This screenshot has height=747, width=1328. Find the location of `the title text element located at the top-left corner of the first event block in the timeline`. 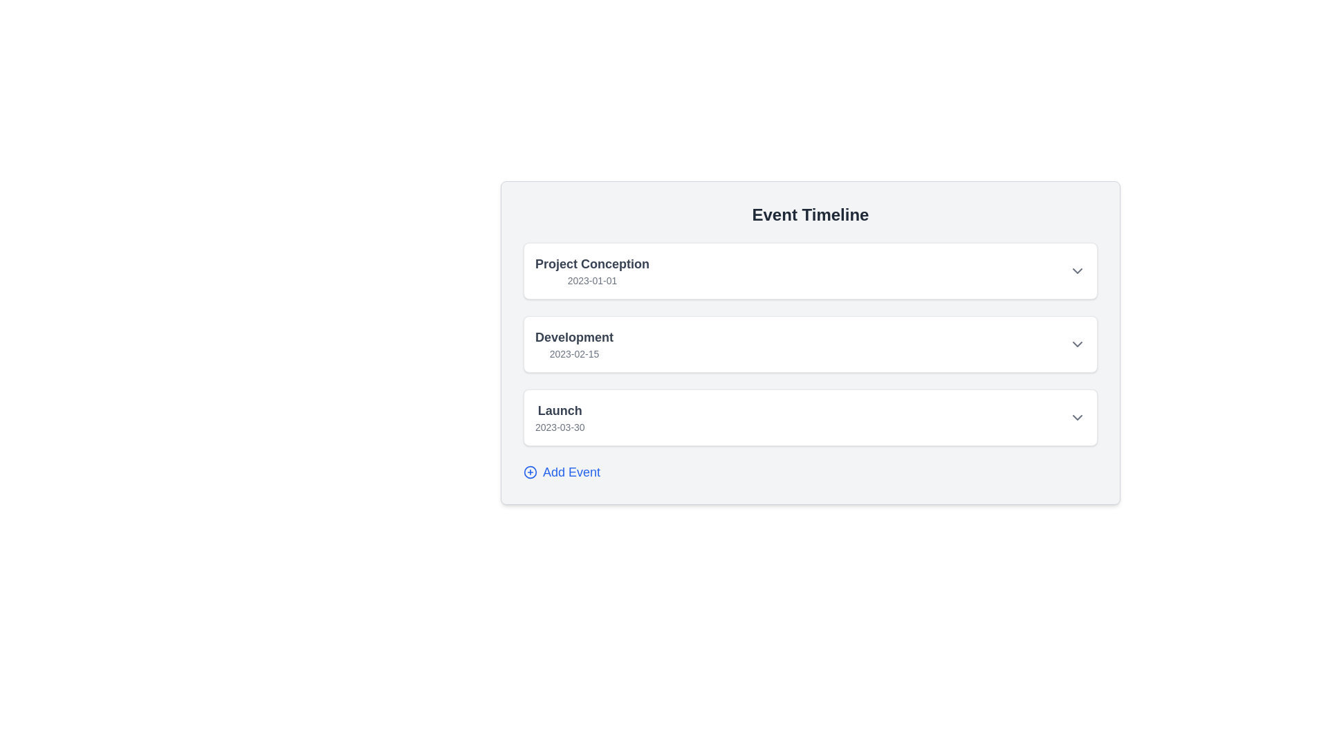

the title text element located at the top-left corner of the first event block in the timeline is located at coordinates (592, 264).